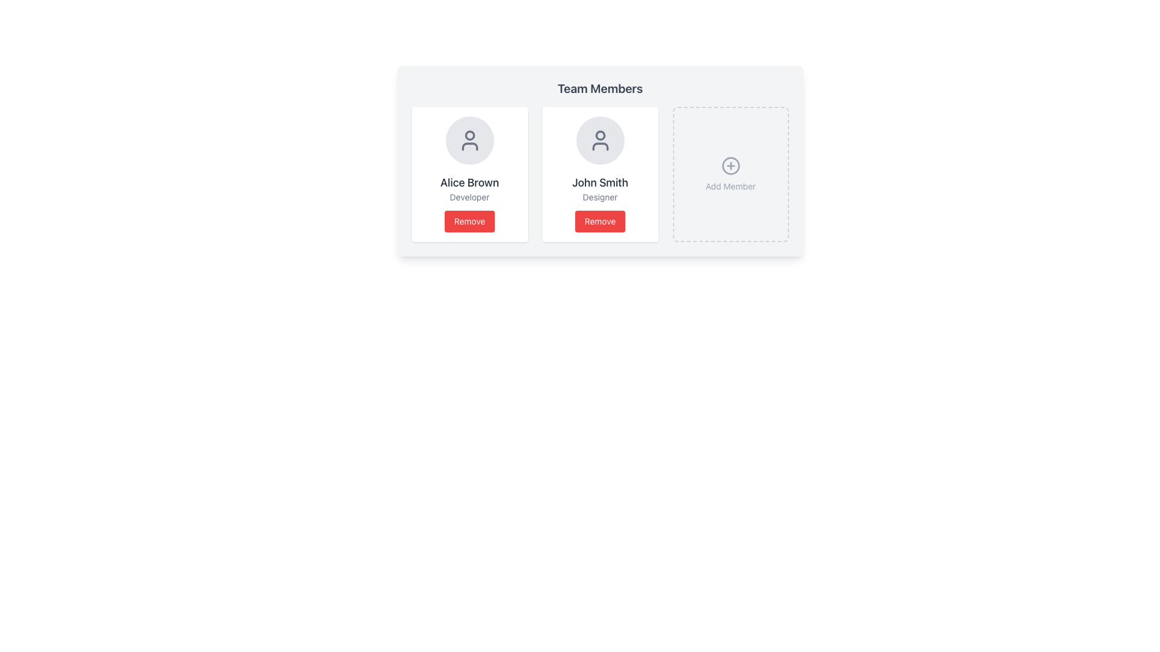  What do you see at coordinates (469, 197) in the screenshot?
I see `the Text Label indicating the role of team member Alice Brown, located in the center of the card interface between the name and the Remove button` at bounding box center [469, 197].